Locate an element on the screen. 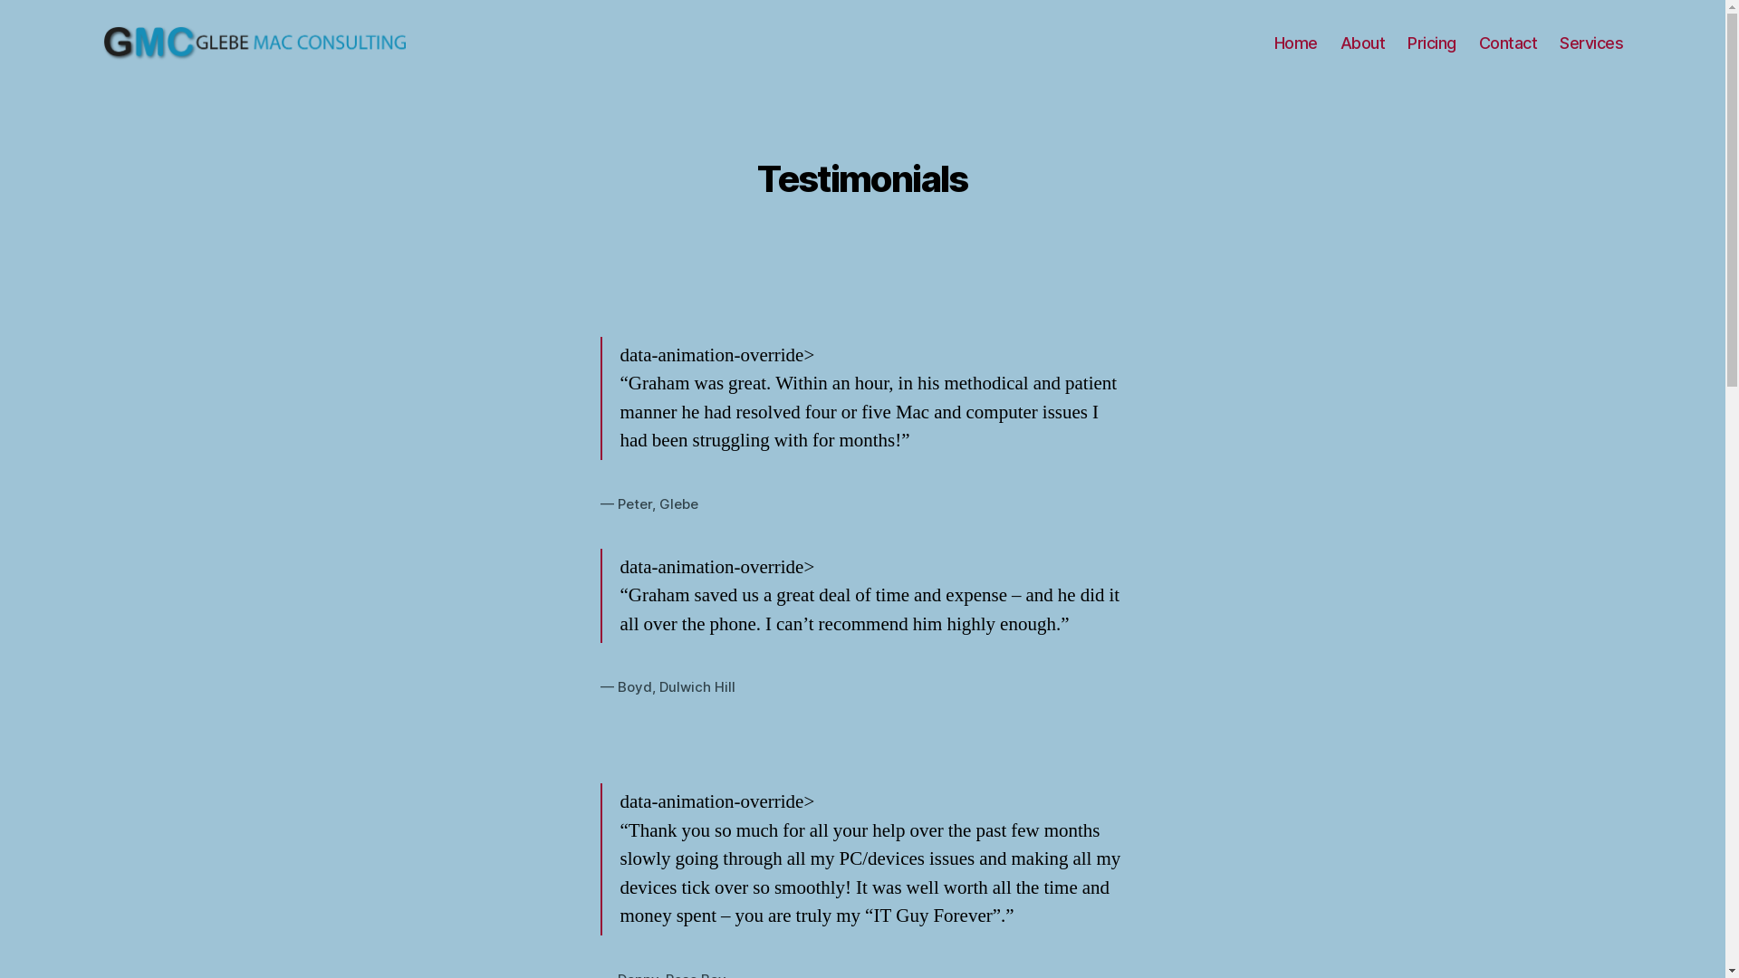  'Home' is located at coordinates (1294, 42).